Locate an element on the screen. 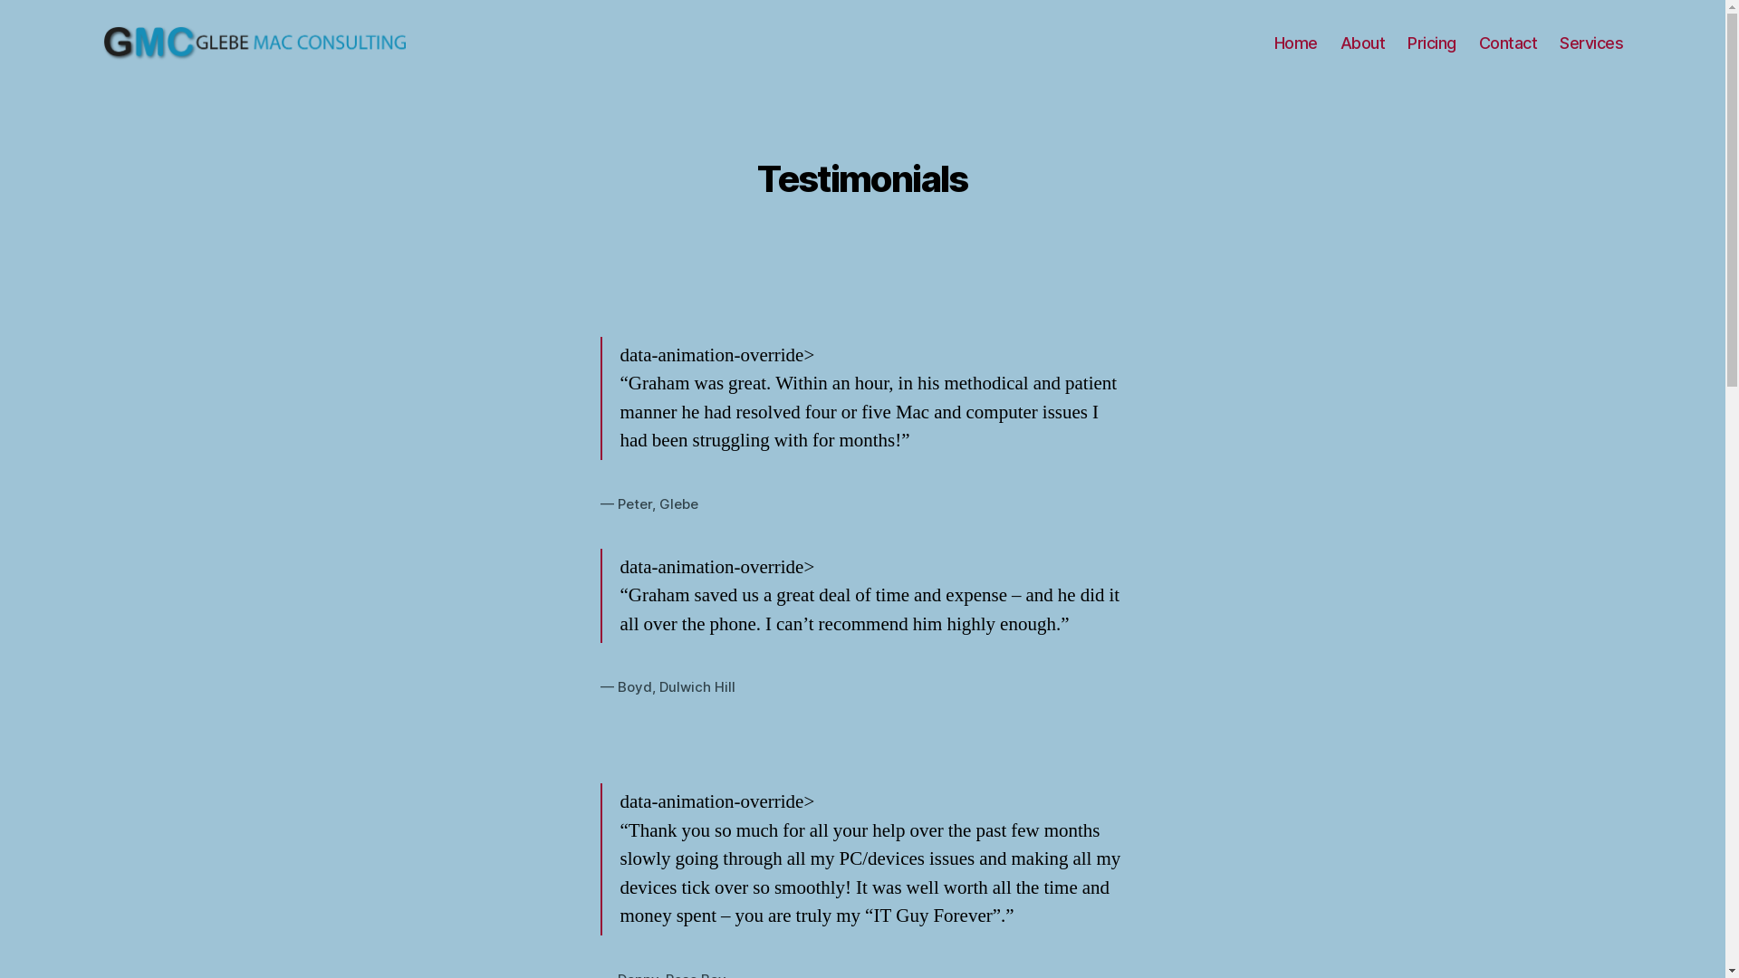  'Home' is located at coordinates (1294, 42).